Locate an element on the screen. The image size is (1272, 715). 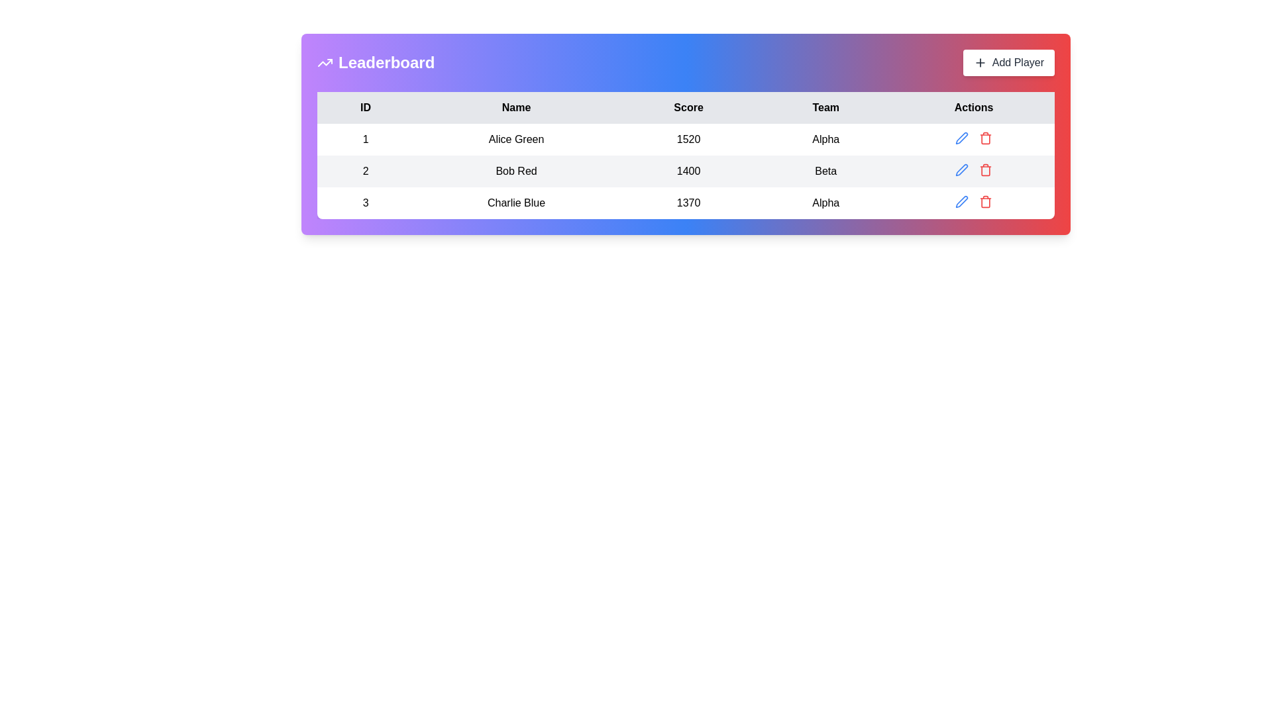
the static text displaying the score for the player 'Alice Green' in the leaderboard table, specifically located in the third column of the first row is located at coordinates (688, 140).